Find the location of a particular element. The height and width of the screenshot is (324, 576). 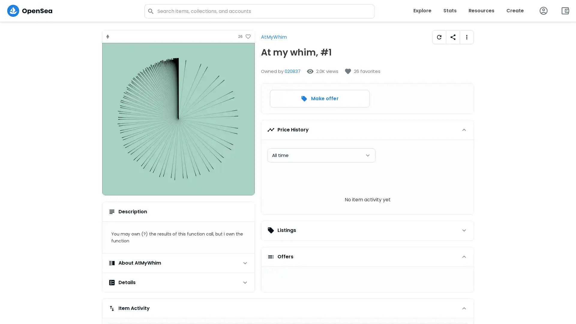

More is located at coordinates (466, 37).